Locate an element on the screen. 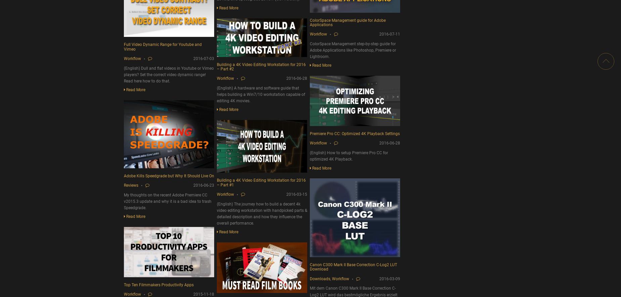 This screenshot has height=297, width=621. '(English) Dull and flat videos in Youtube or Vimeo players? Set the correct video dynamic range! Read here how to do that.' is located at coordinates (169, 74).